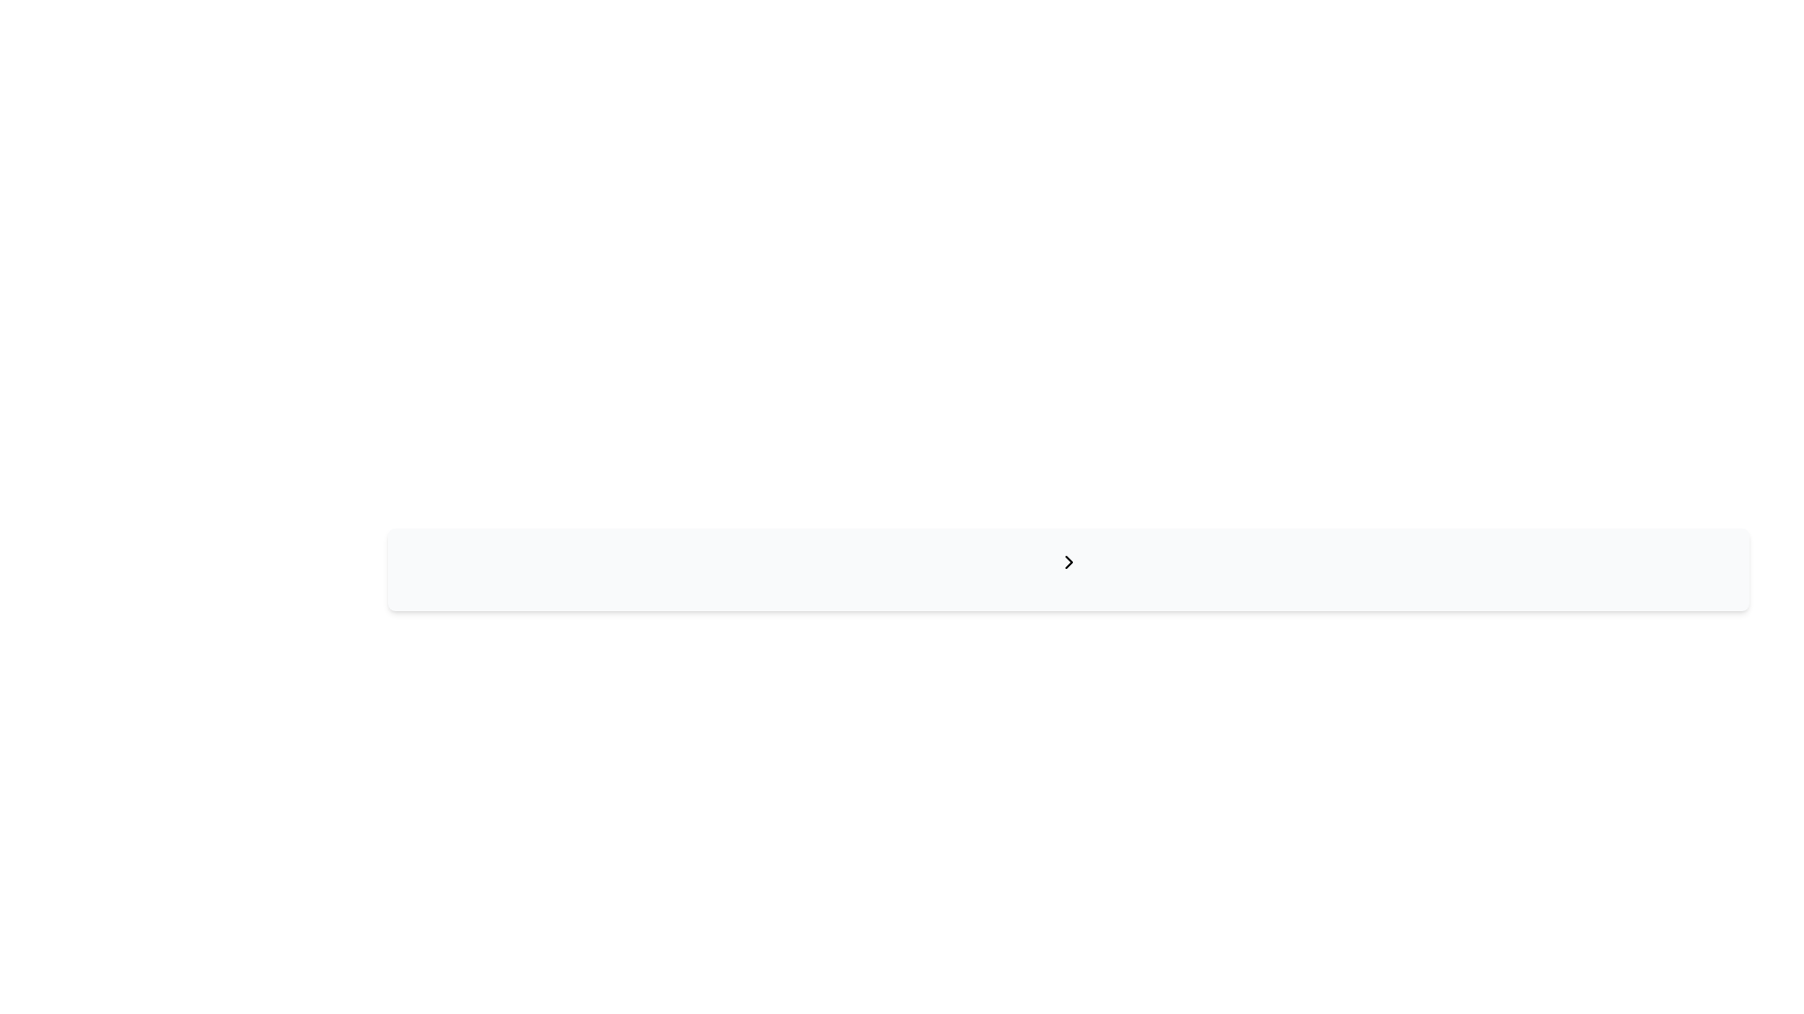 The height and width of the screenshot is (1014, 1804). Describe the element at coordinates (1068, 568) in the screenshot. I see `the chevron icon pointing to the right for accessibility purposes` at that location.